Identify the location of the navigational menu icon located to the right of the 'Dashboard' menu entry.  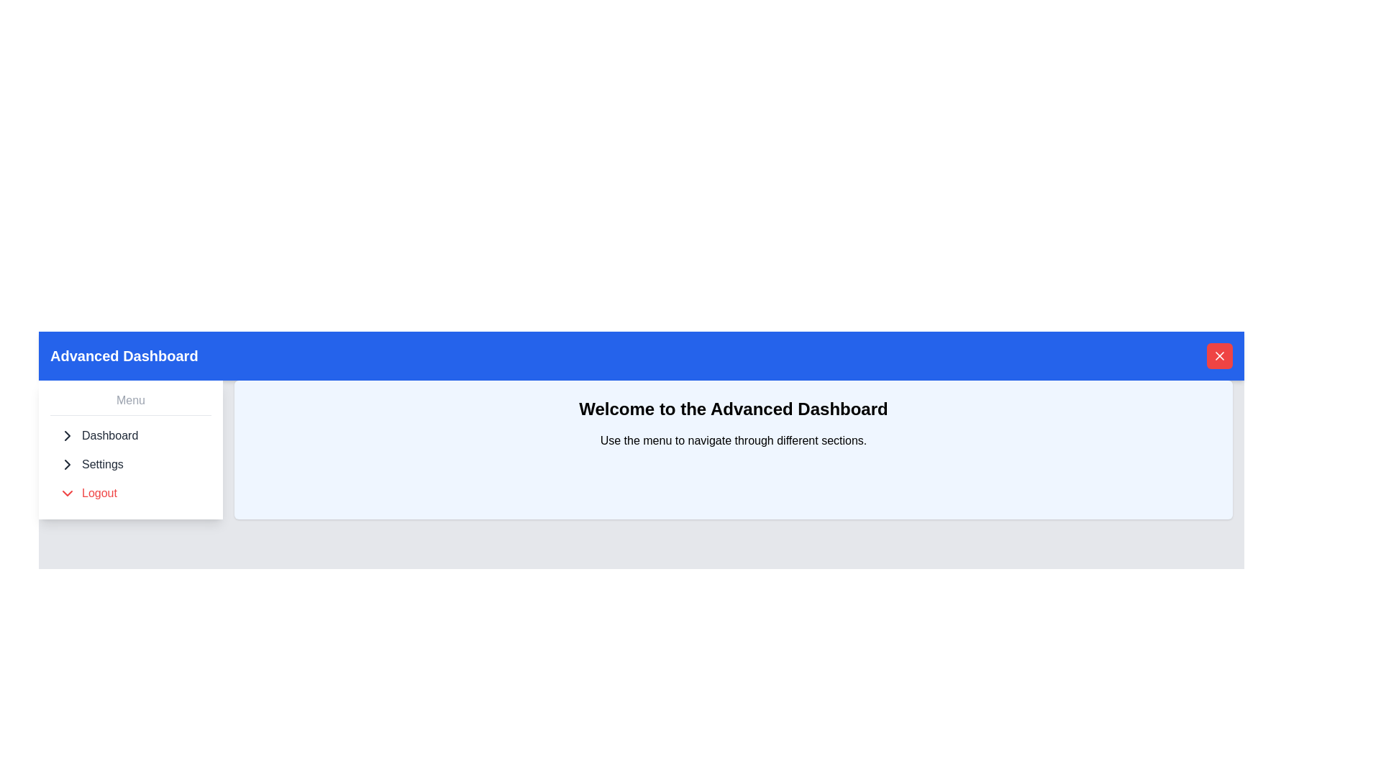
(67, 435).